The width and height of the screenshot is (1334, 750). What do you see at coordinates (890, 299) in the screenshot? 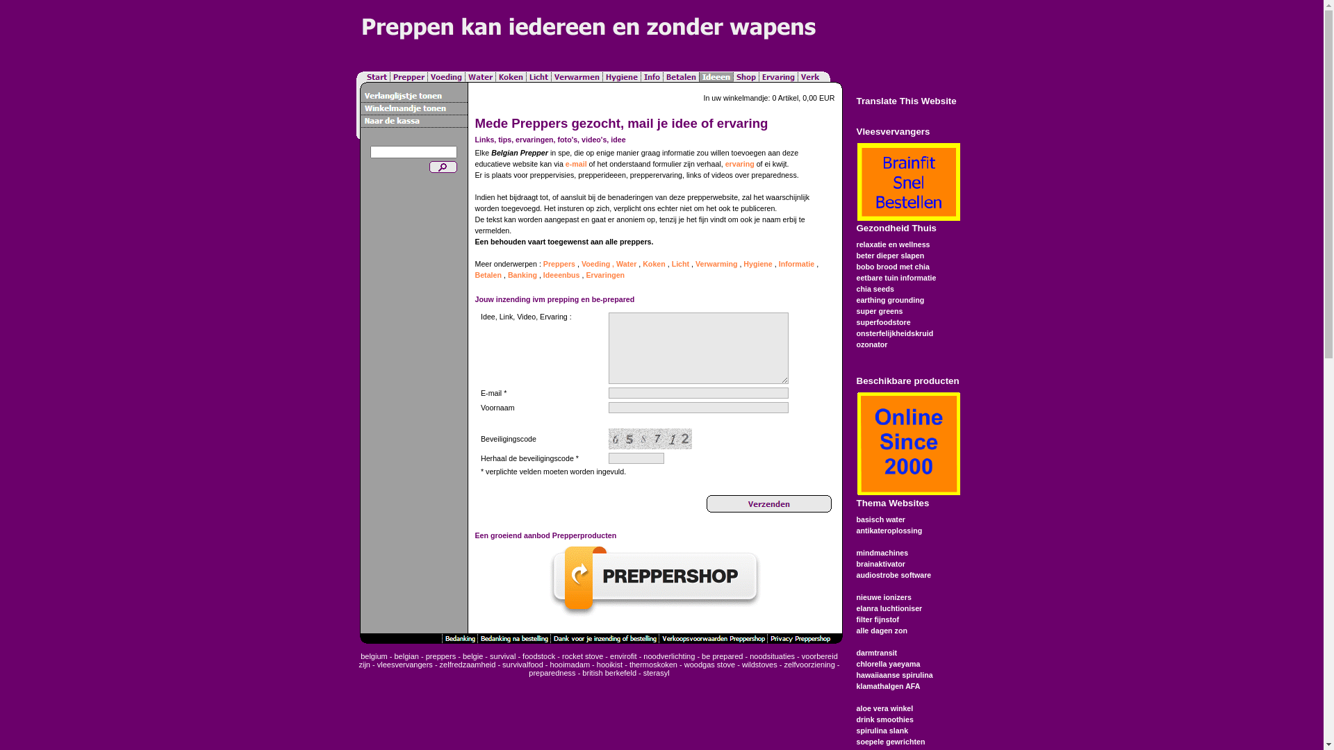
I see `'earthing grounding'` at bounding box center [890, 299].